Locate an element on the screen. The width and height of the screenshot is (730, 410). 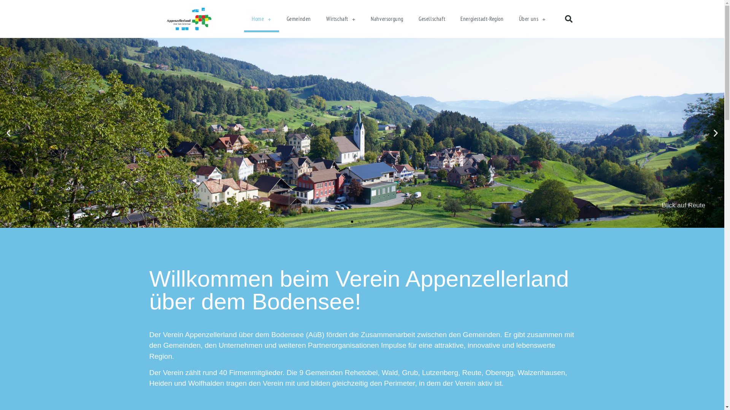
'Wirtschaft' is located at coordinates (340, 19).